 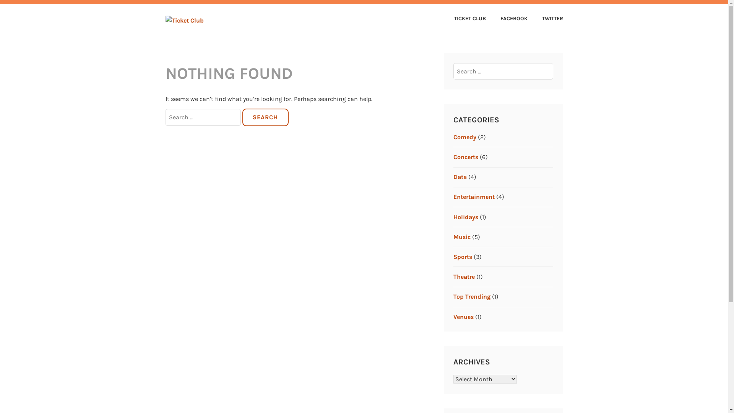 I want to click on 'TWITTER', so click(x=546, y=19).